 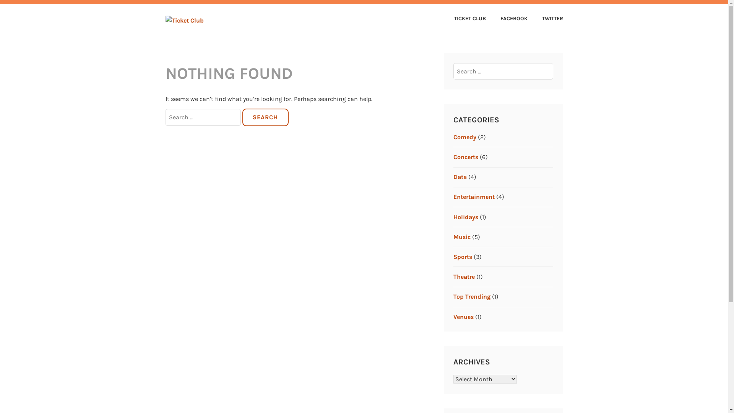 I want to click on 'TWITTER', so click(x=546, y=19).